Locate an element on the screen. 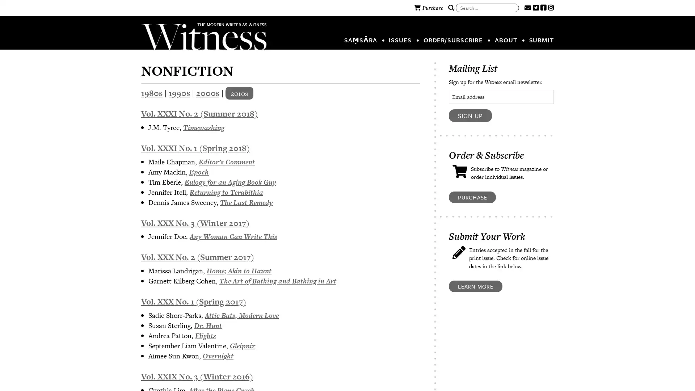  Sign Up is located at coordinates (470, 115).